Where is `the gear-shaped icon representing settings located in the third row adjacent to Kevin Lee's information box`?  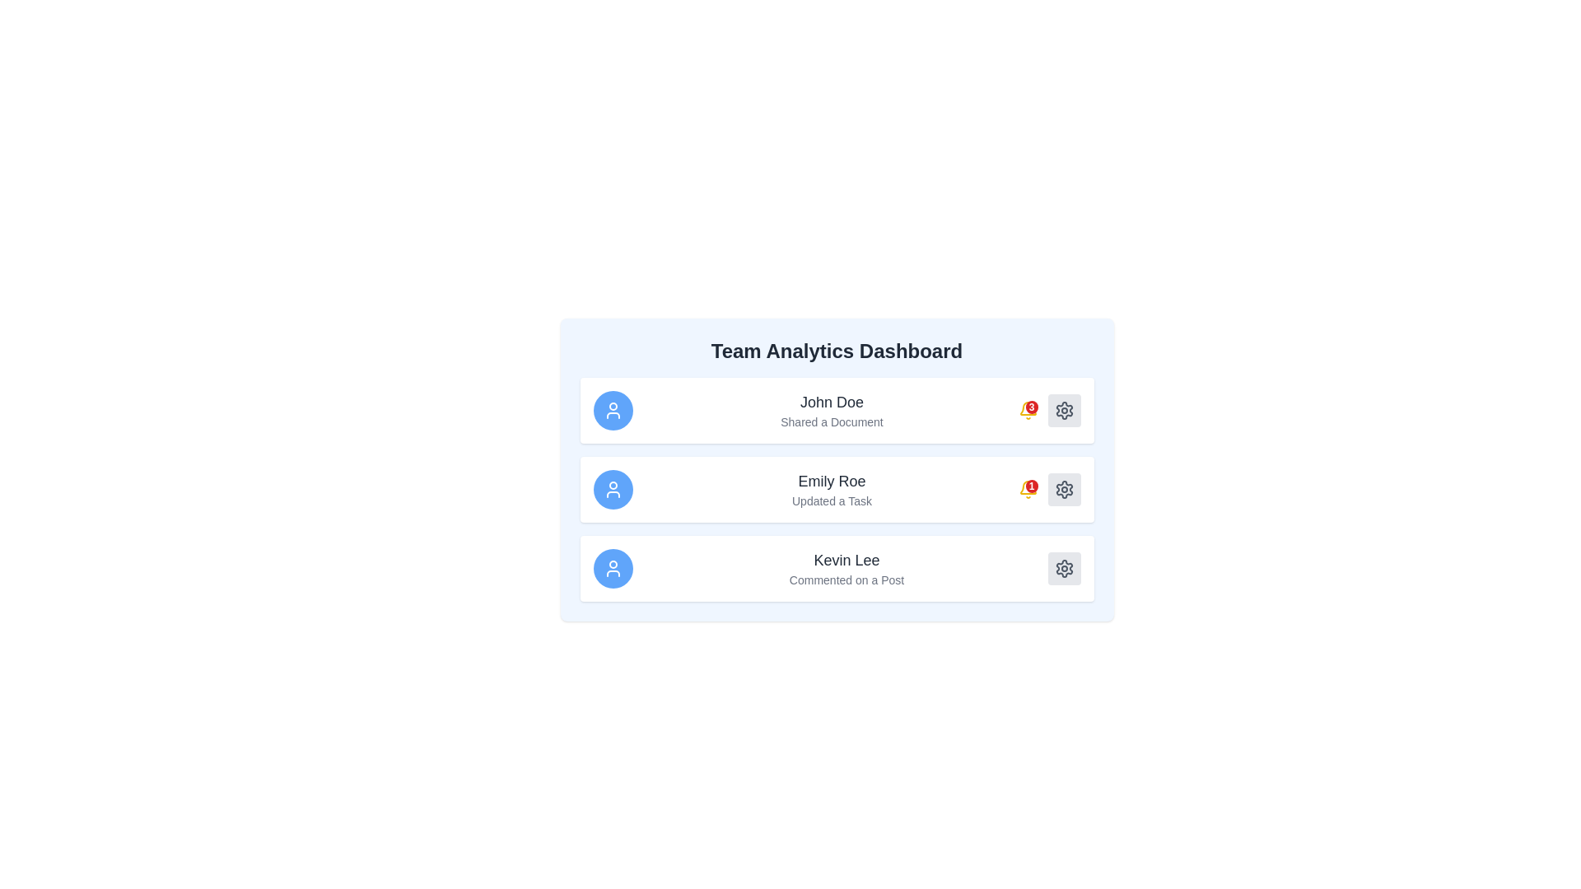 the gear-shaped icon representing settings located in the third row adjacent to Kevin Lee's information box is located at coordinates (1064, 567).